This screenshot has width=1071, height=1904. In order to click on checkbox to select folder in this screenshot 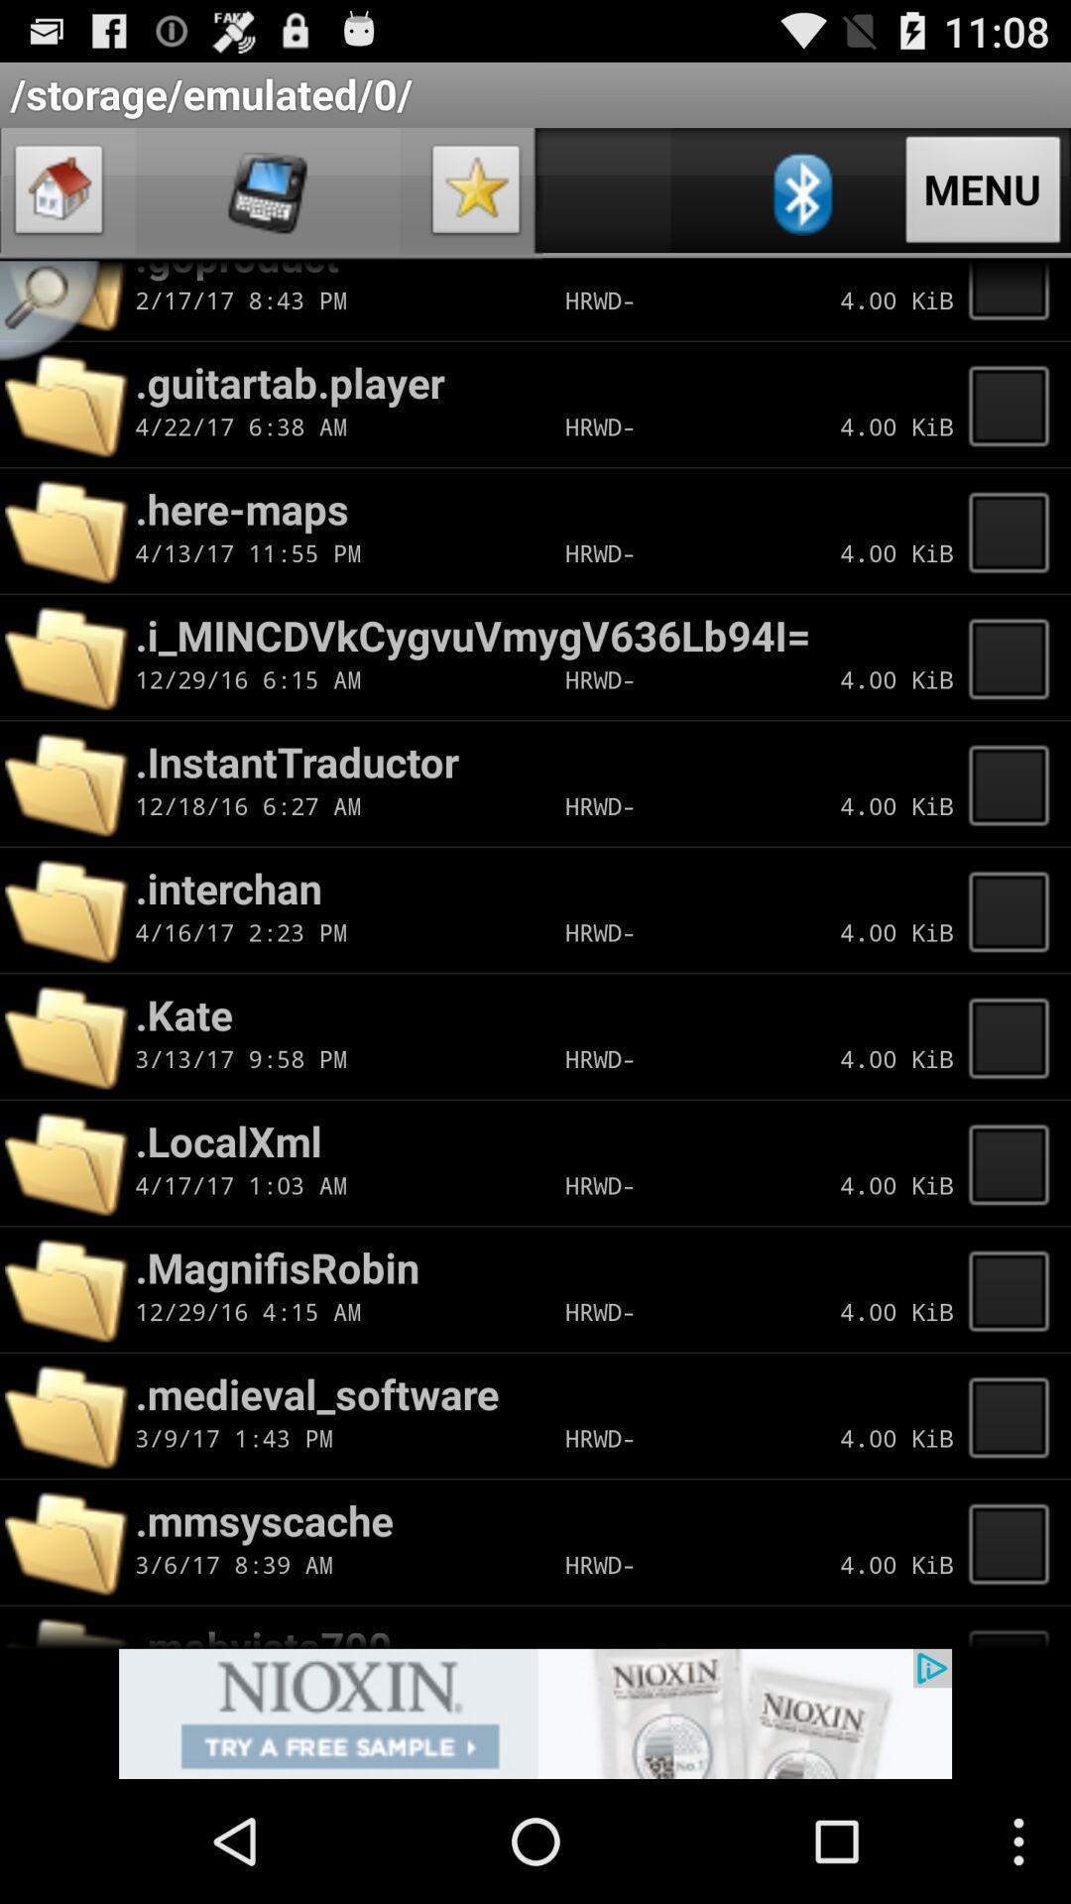, I will do `click(1014, 1541)`.